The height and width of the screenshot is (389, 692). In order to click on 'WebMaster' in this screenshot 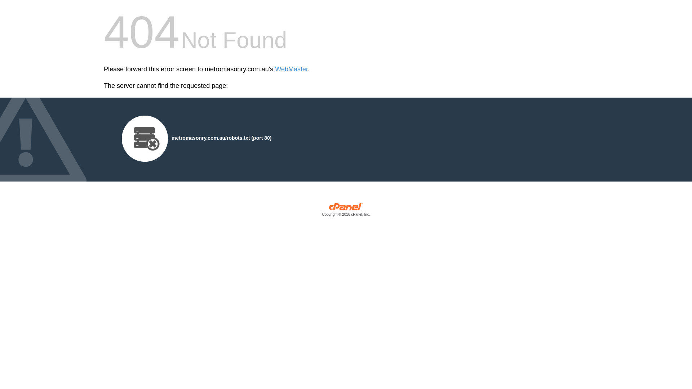, I will do `click(275, 69)`.